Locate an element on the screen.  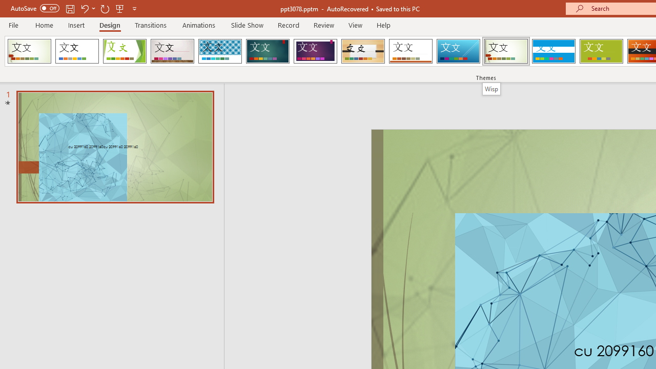
'Transitions' is located at coordinates (151, 25).